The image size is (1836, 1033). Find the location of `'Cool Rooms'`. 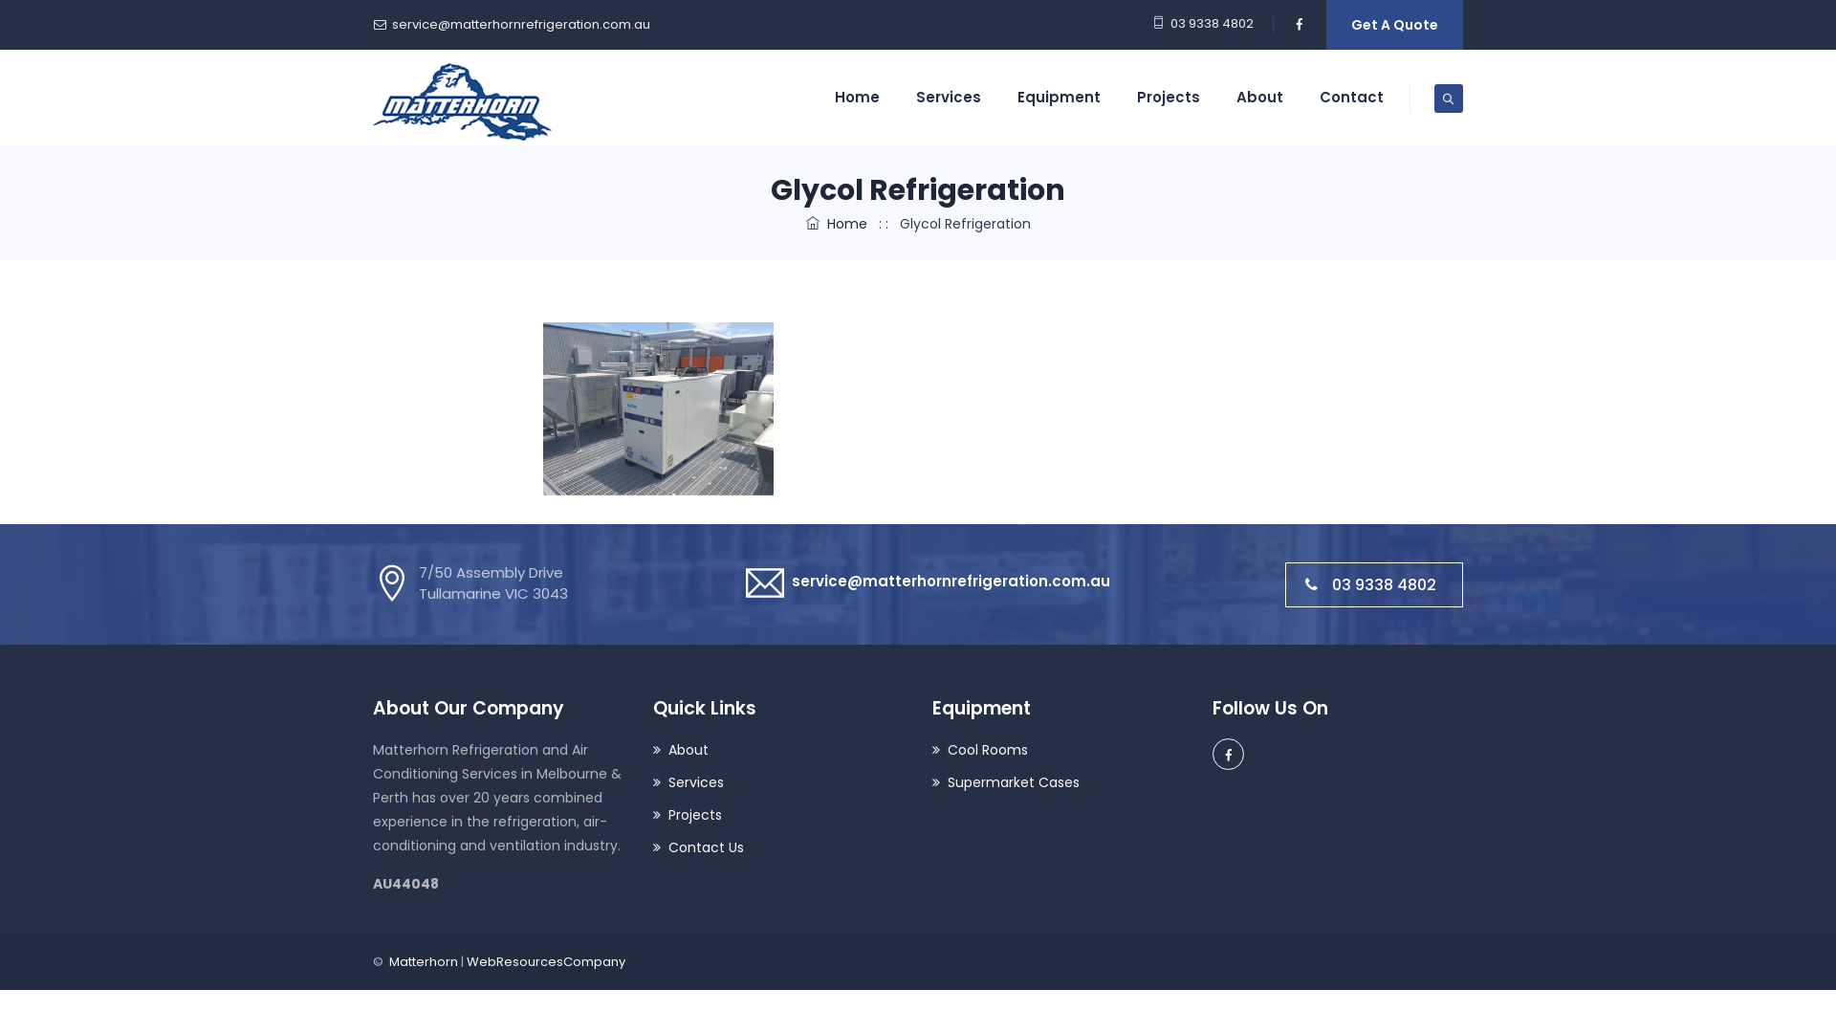

'Cool Rooms' is located at coordinates (980, 749).